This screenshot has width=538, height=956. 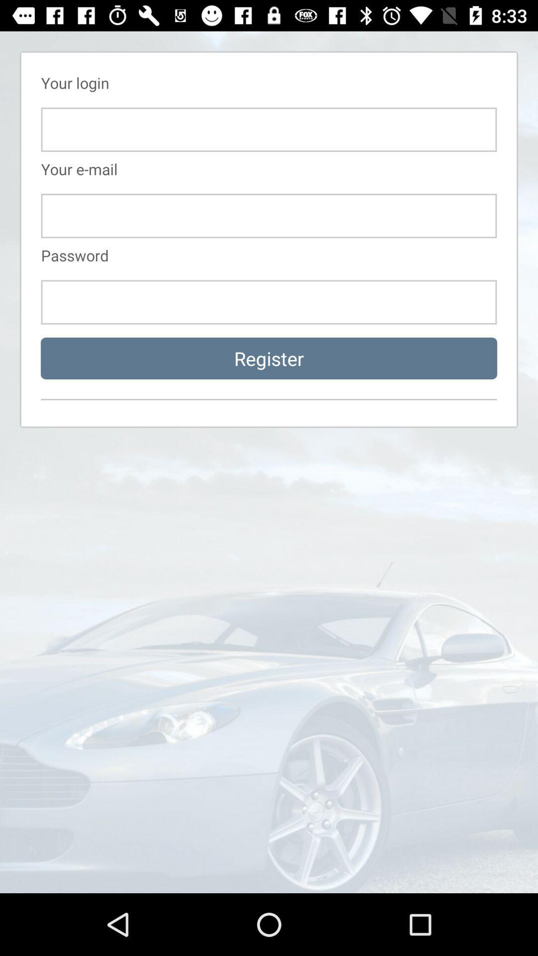 I want to click on email address, so click(x=269, y=215).